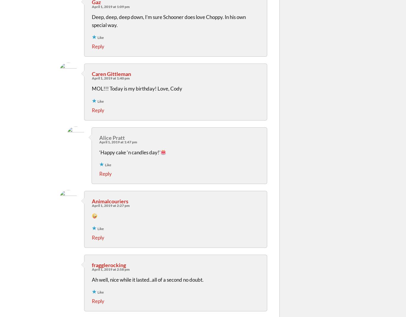  Describe the element at coordinates (118, 142) in the screenshot. I see `'April 1, 2019 at 1:47 pm'` at that location.